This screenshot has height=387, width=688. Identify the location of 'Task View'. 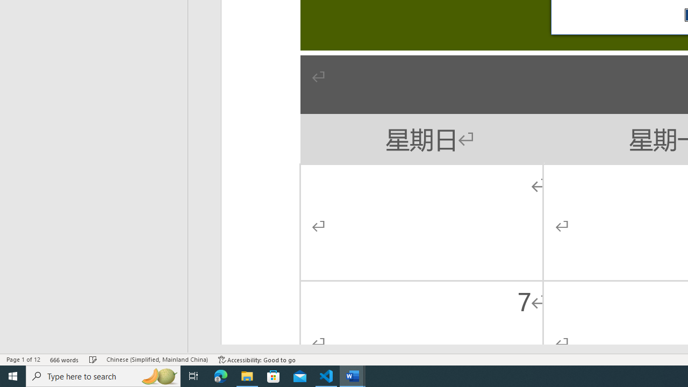
(193, 375).